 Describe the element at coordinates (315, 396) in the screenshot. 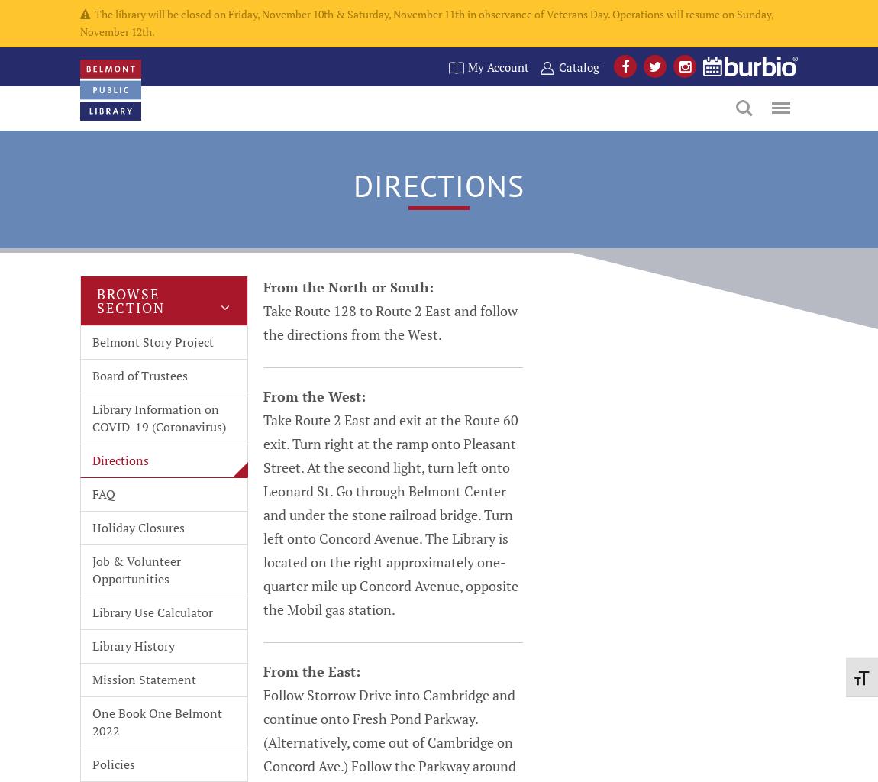

I see `'From the West:'` at that location.